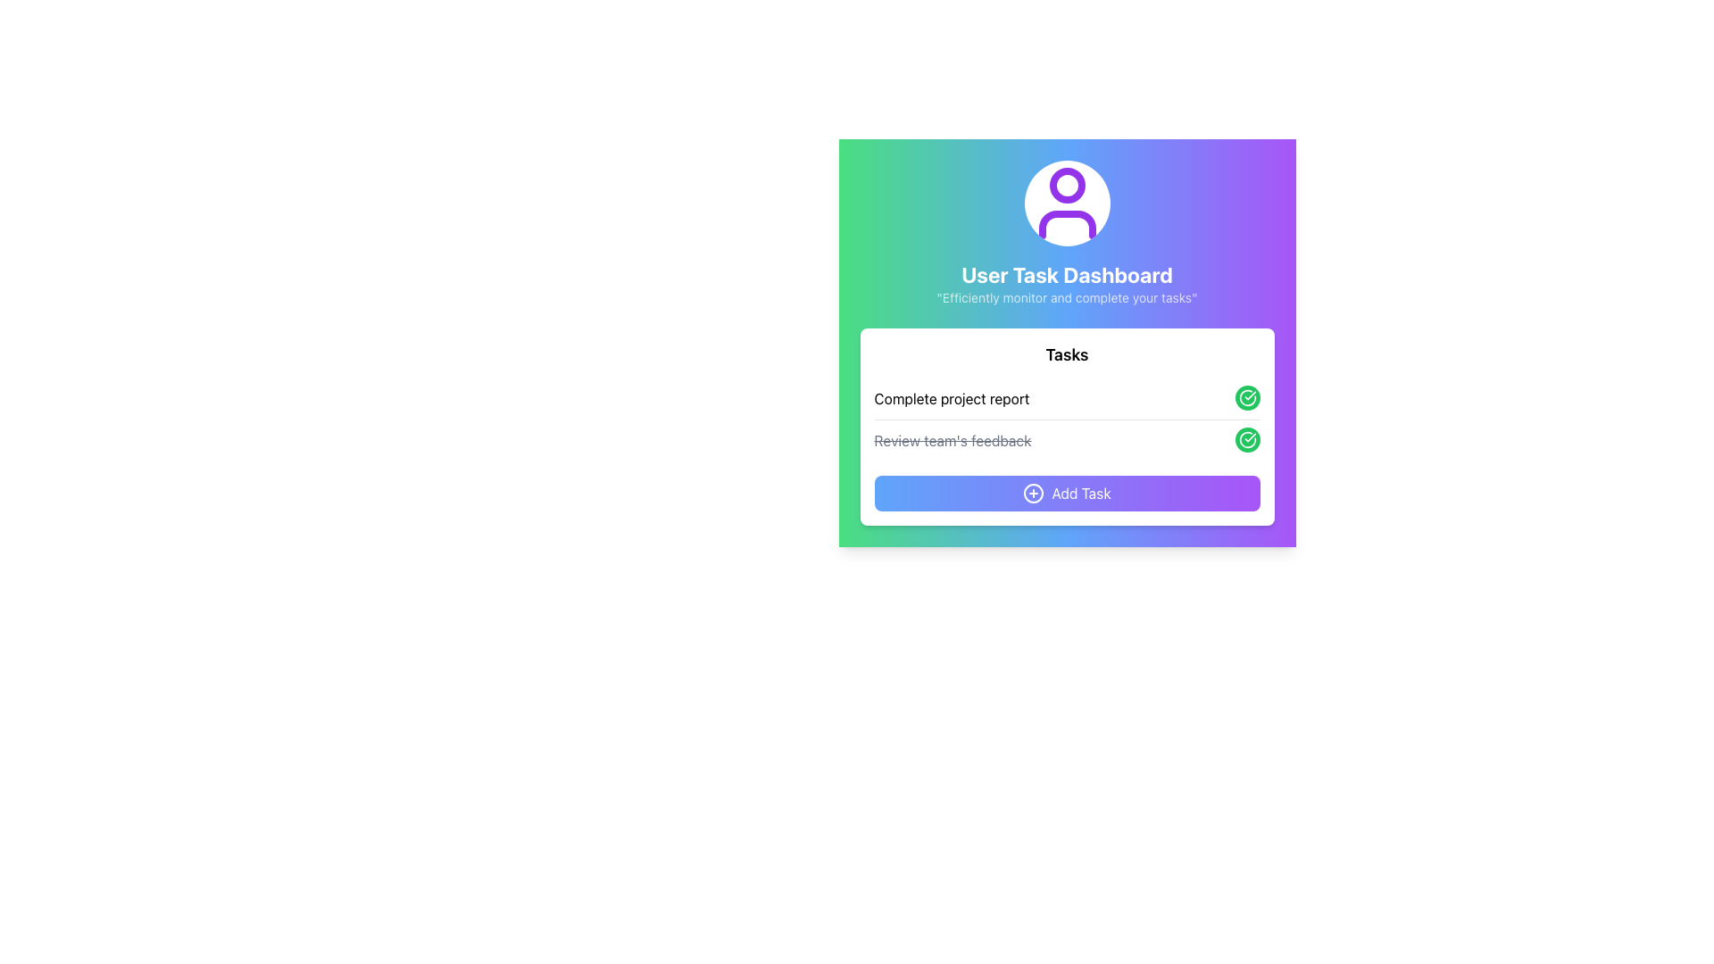 The width and height of the screenshot is (1714, 964). I want to click on the circular graphic inside the icon with a tick mark, indicating successful completion, located in the second task row's action button to the right side of the task list card, so click(1246, 397).